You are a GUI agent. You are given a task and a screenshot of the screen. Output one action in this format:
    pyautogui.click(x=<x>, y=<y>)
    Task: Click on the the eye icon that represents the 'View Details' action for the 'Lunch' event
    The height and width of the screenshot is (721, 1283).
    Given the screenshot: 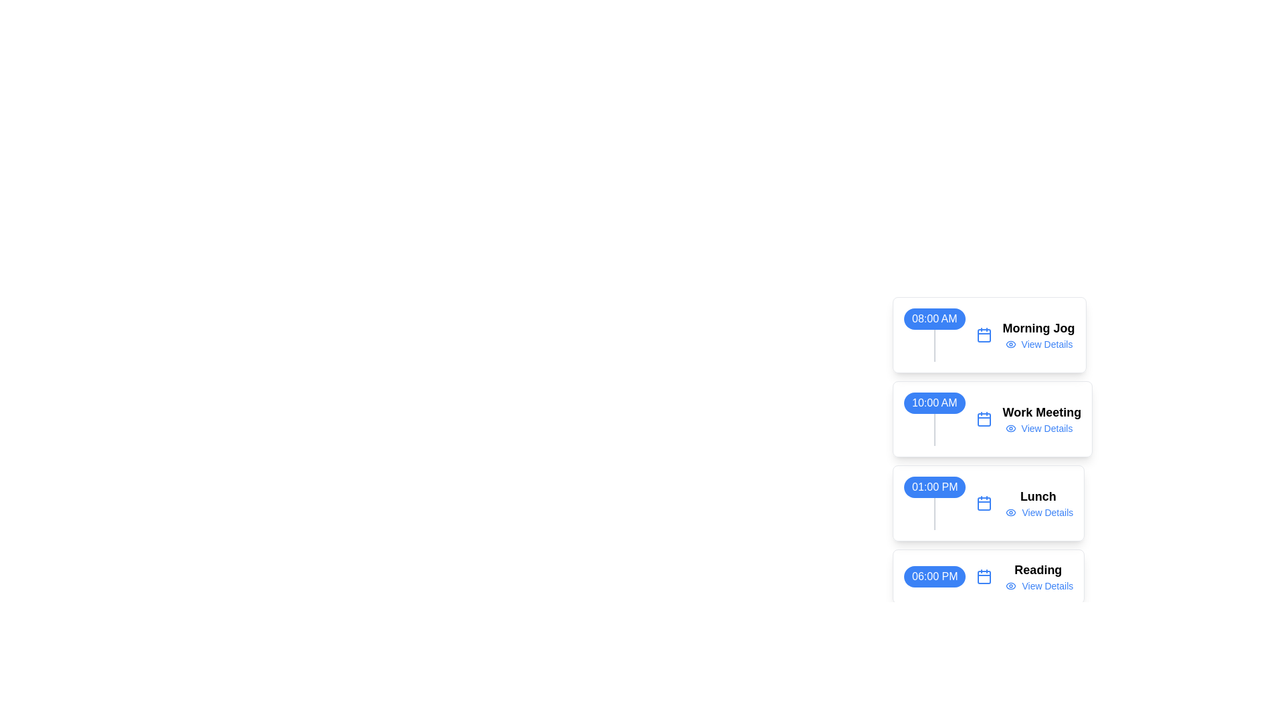 What is the action you would take?
    pyautogui.click(x=1011, y=511)
    